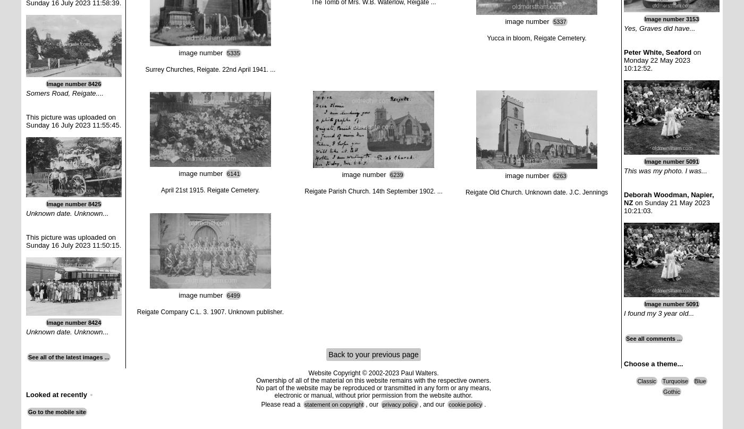  Describe the element at coordinates (210, 69) in the screenshot. I see `'Surrey Churches, Reigate. 22nd April 1941. ...'` at that location.